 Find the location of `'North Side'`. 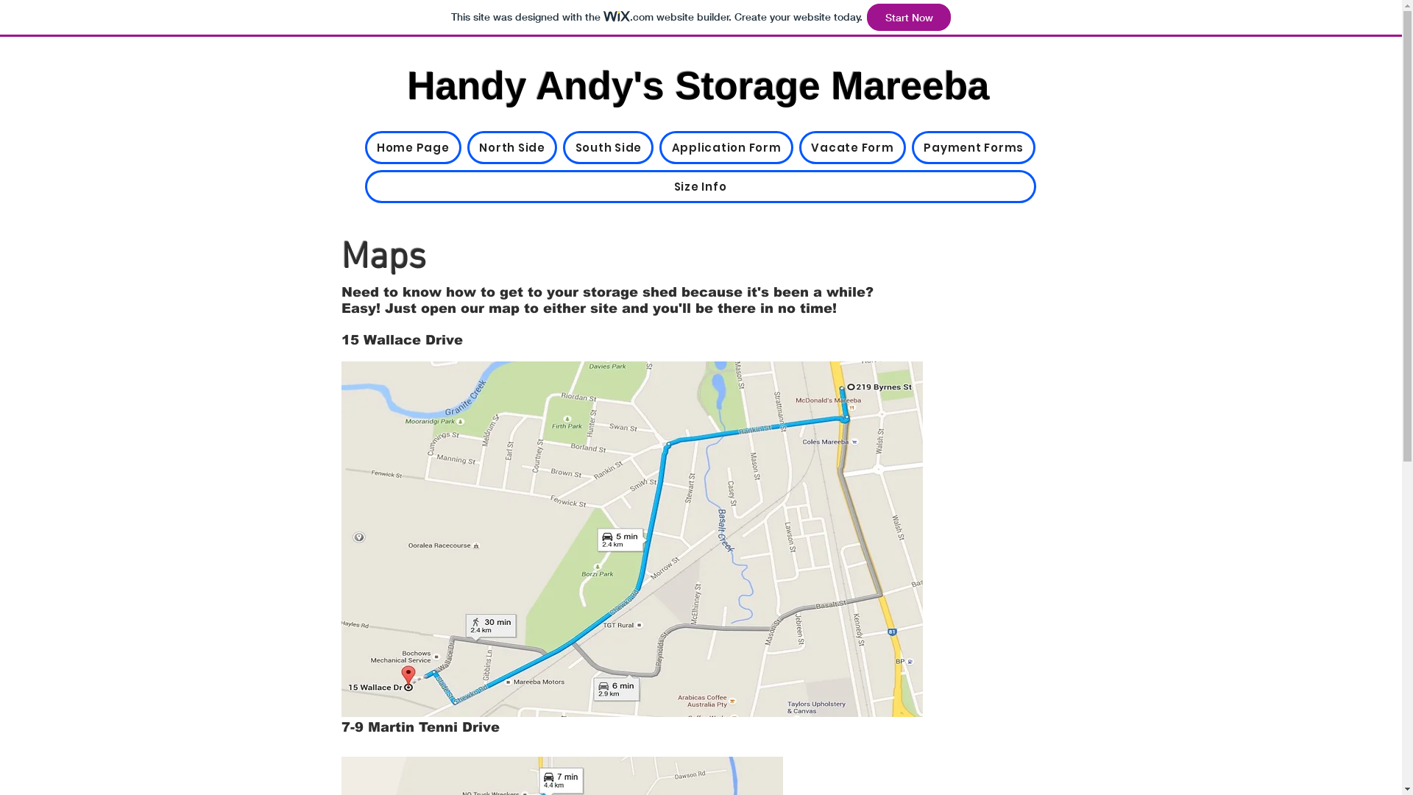

'North Side' is located at coordinates (512, 147).